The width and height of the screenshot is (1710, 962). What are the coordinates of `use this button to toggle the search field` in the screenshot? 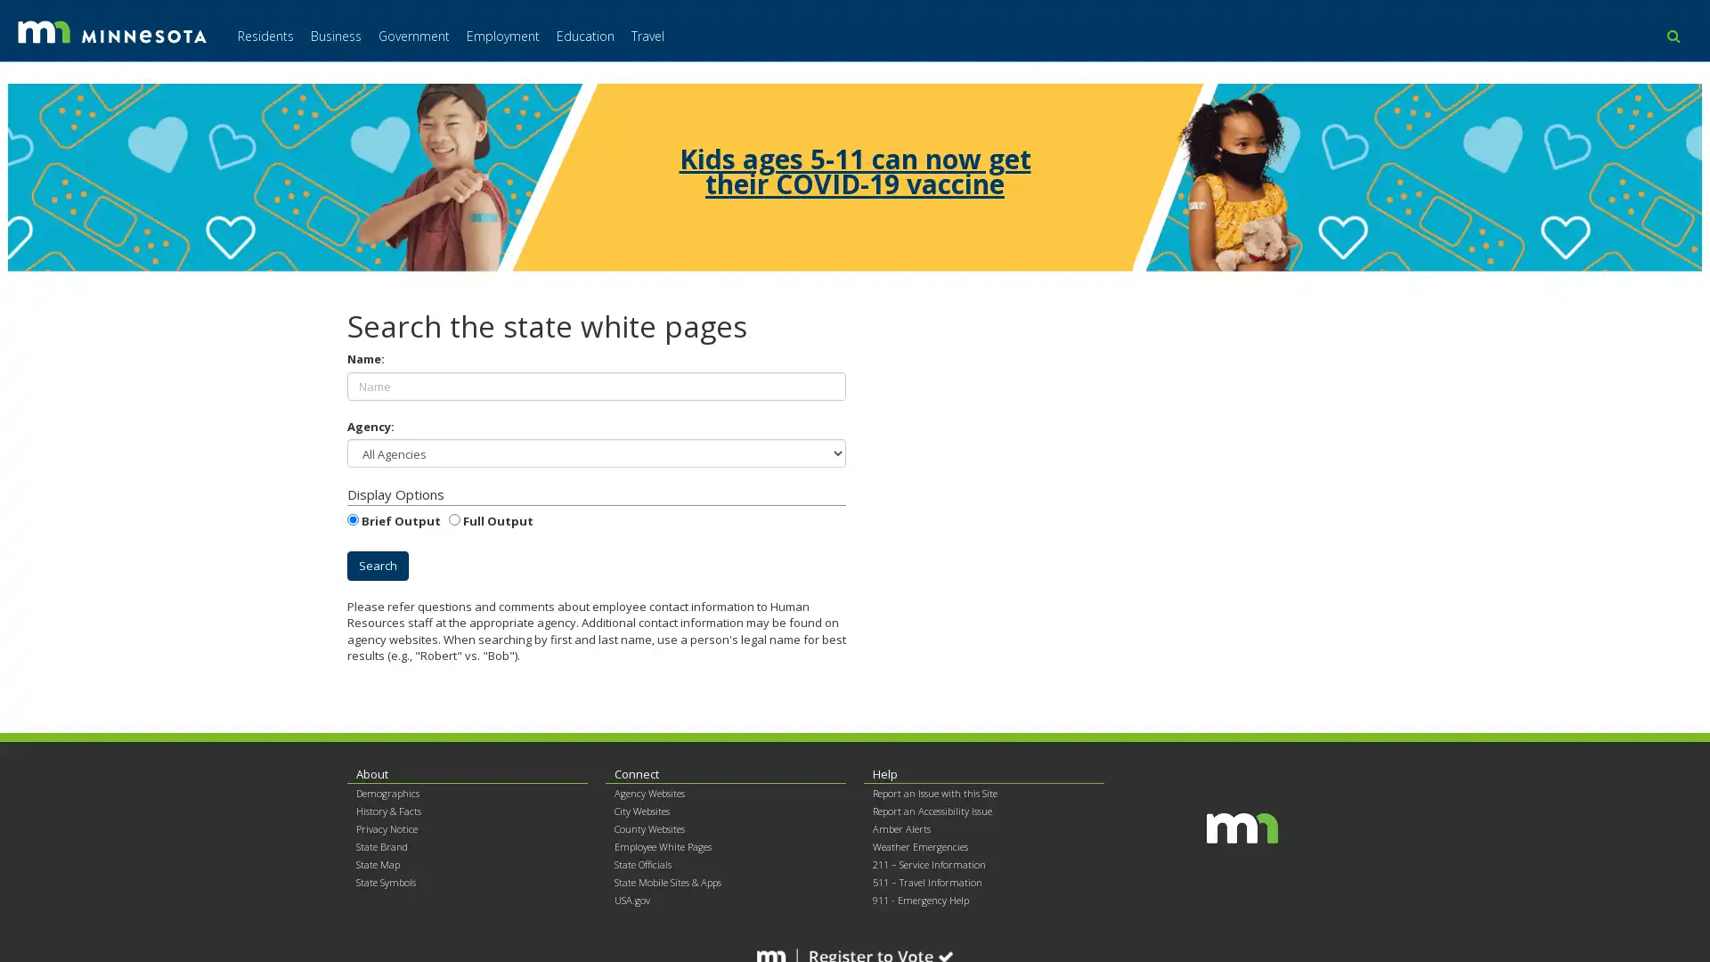 It's located at (1673, 35).